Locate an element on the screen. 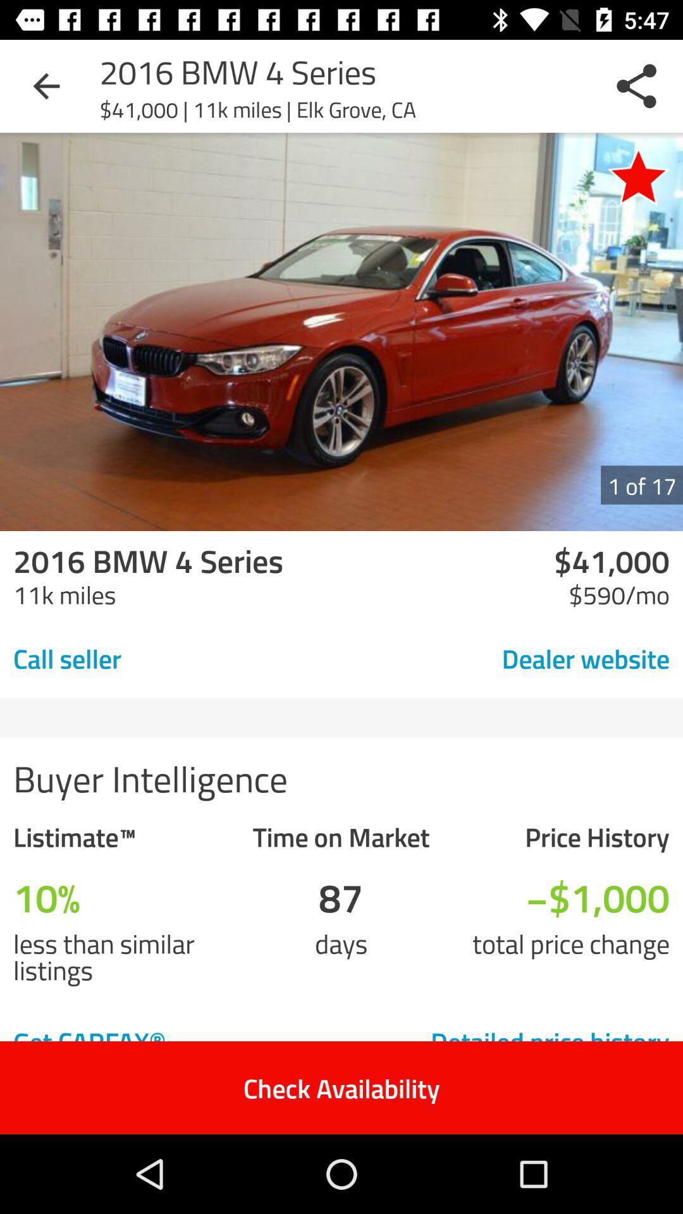 Image resolution: width=683 pixels, height=1214 pixels. app to the left of the 2016 bmw 4 item is located at coordinates (46, 85).